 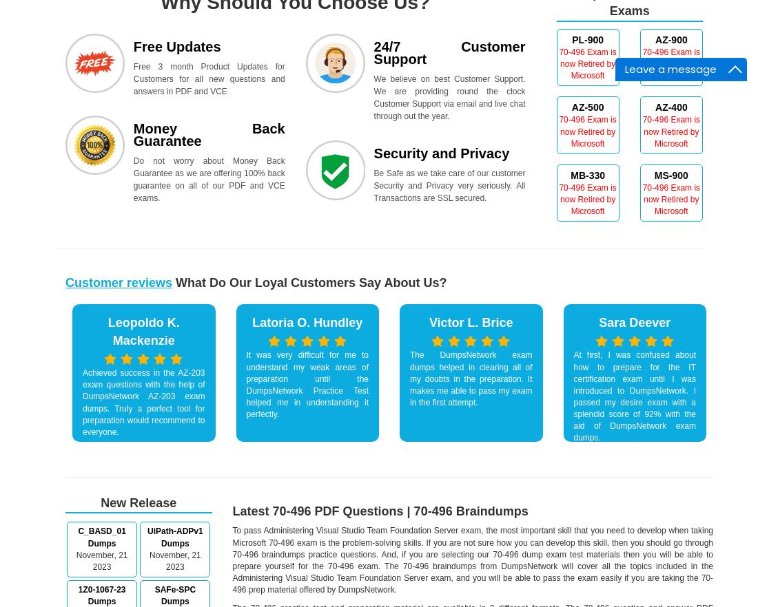 I want to click on 'Money Back Guarantee', so click(x=208, y=134).